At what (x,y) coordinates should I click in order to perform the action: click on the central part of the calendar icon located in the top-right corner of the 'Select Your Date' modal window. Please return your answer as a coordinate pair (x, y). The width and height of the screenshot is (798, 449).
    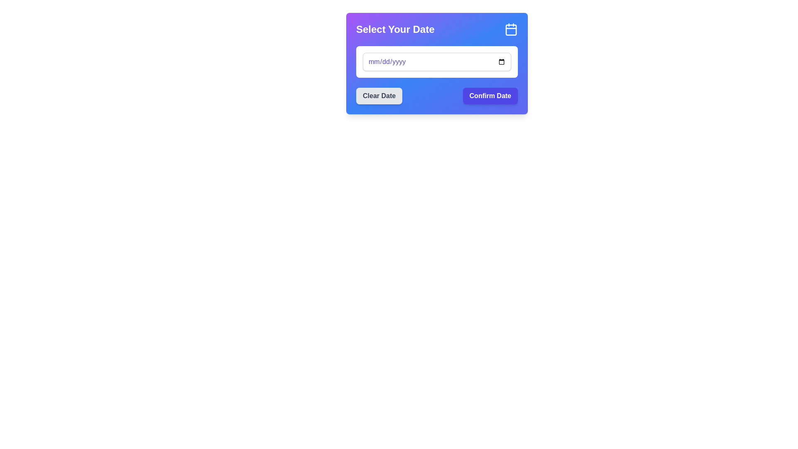
    Looking at the image, I should click on (510, 30).